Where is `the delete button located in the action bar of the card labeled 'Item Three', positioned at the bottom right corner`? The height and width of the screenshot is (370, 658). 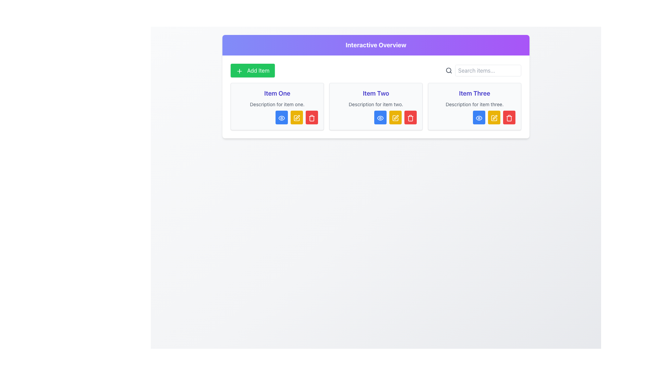
the delete button located in the action bar of the card labeled 'Item Three', positioned at the bottom right corner is located at coordinates (509, 117).